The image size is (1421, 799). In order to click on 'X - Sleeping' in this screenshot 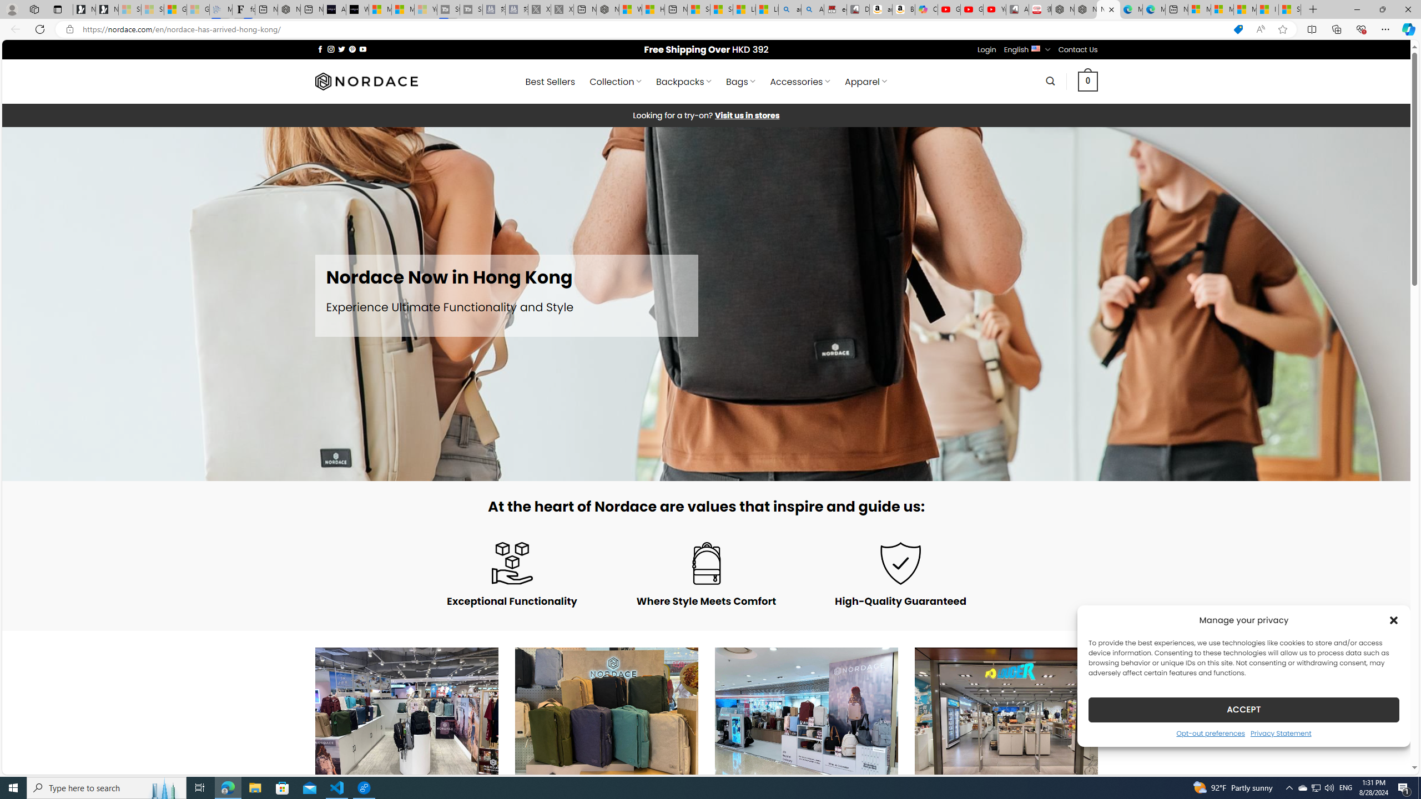, I will do `click(561, 9)`.